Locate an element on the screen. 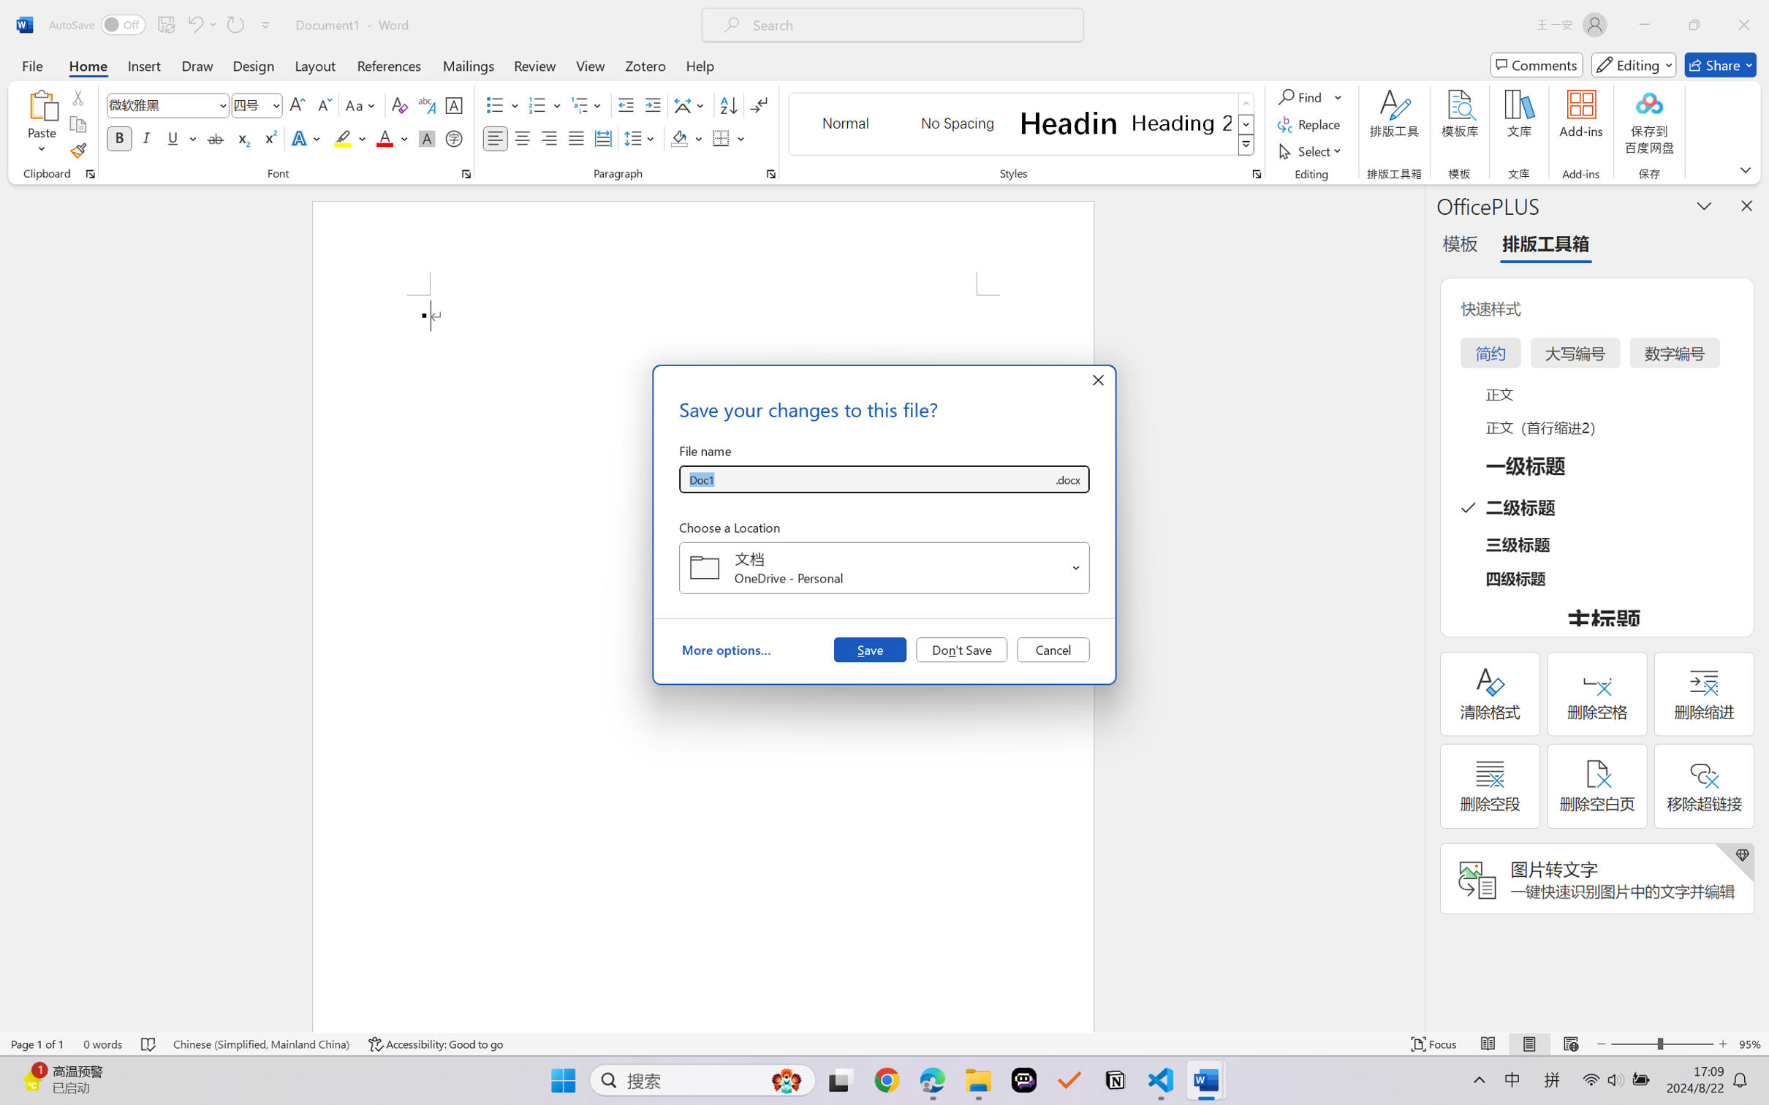 This screenshot has width=1769, height=1105. 'Google Chrome' is located at coordinates (887, 1080).